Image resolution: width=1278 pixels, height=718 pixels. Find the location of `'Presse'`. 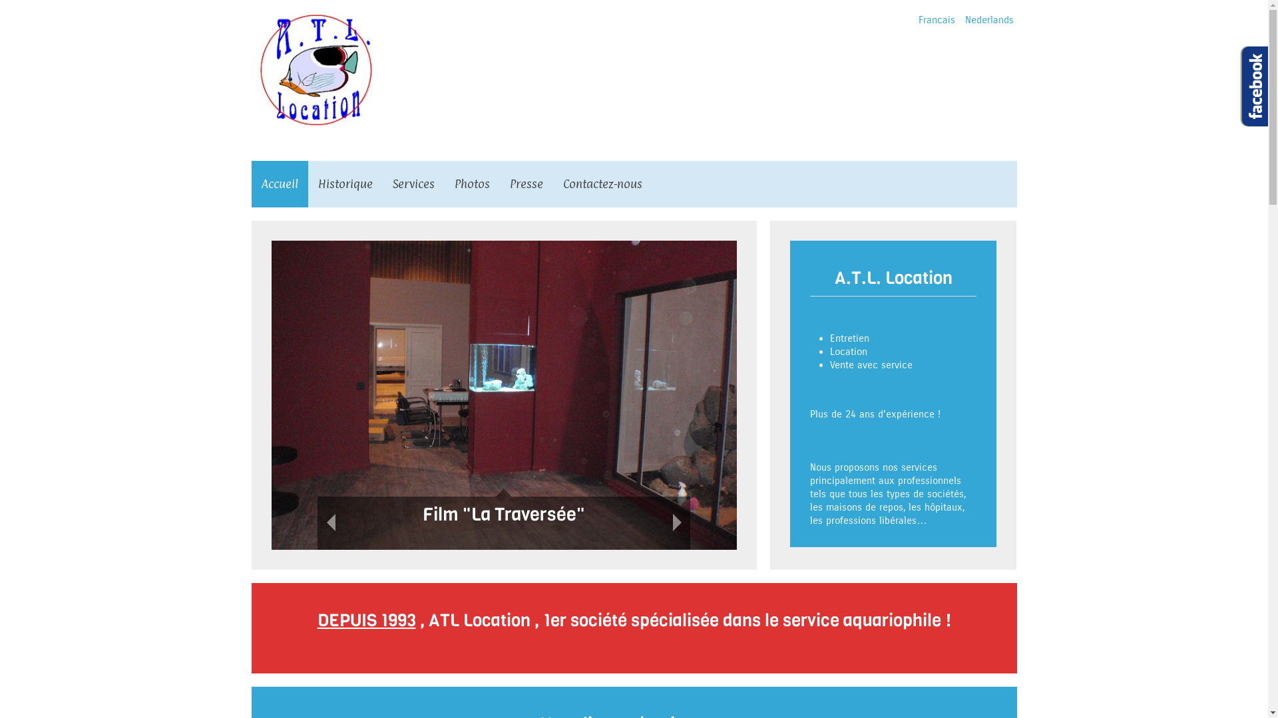

'Presse' is located at coordinates (525, 184).